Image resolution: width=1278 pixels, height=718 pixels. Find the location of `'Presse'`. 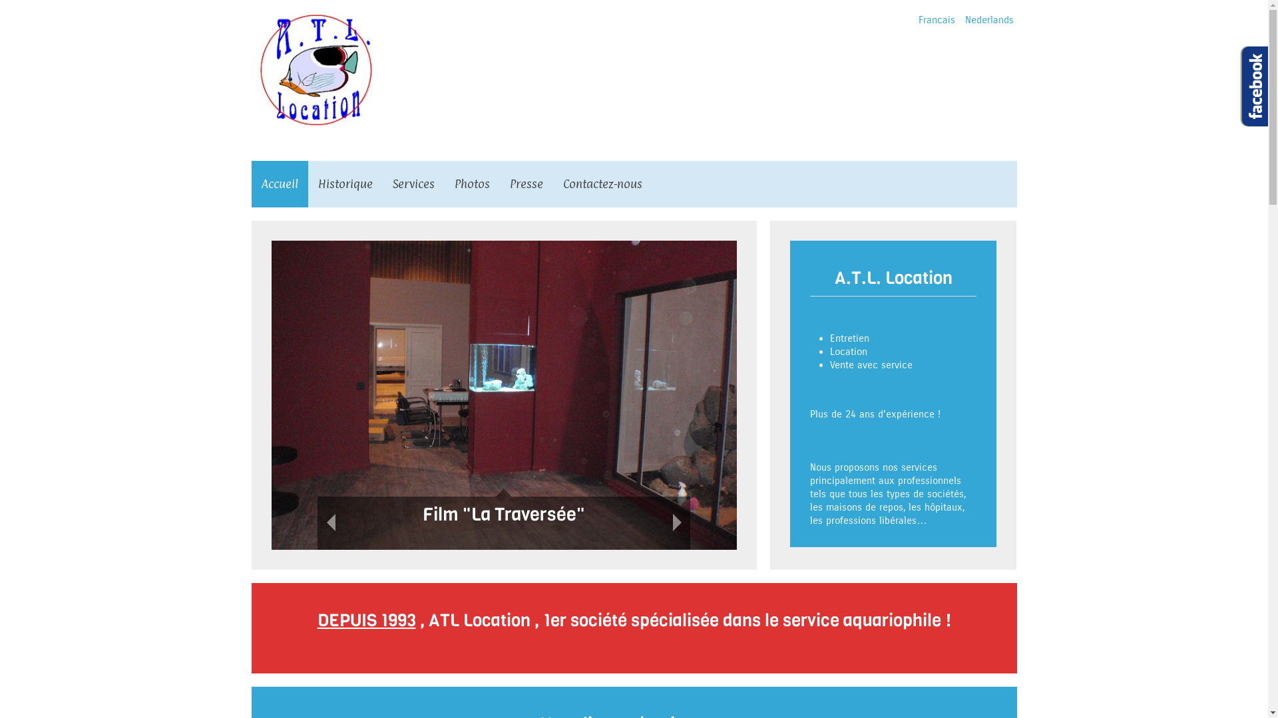

'Presse' is located at coordinates (525, 184).